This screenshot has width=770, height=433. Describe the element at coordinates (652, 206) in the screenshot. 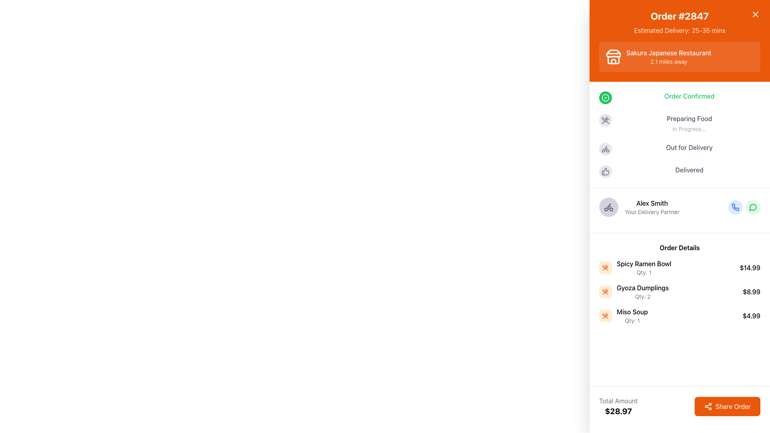

I see `the Informational text block displaying 'Alex Smith' and 'Your Delivery Partner' located in the right-side panel under the 'Order Confirmed' section` at that location.